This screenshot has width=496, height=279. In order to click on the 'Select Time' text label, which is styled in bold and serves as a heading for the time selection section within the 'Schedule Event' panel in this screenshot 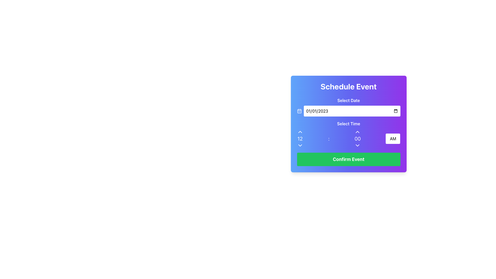, I will do `click(348, 123)`.